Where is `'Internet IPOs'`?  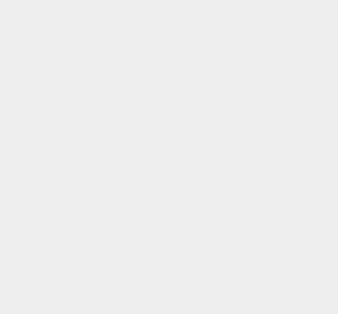
'Internet IPOs' is located at coordinates (250, 197).